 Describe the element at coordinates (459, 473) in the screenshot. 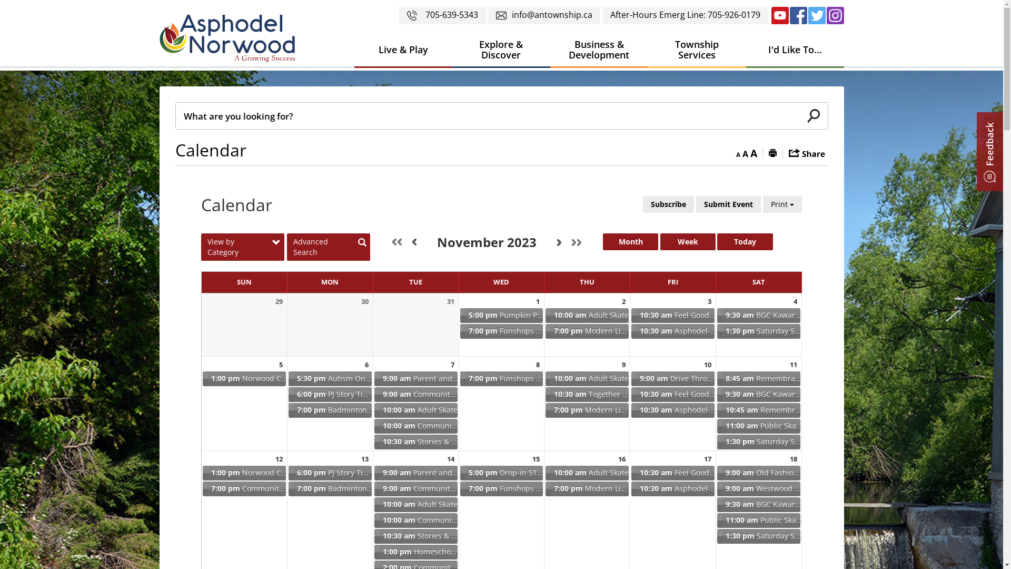

I see `'5:00 pm Drop-in STEAM Night'` at that location.